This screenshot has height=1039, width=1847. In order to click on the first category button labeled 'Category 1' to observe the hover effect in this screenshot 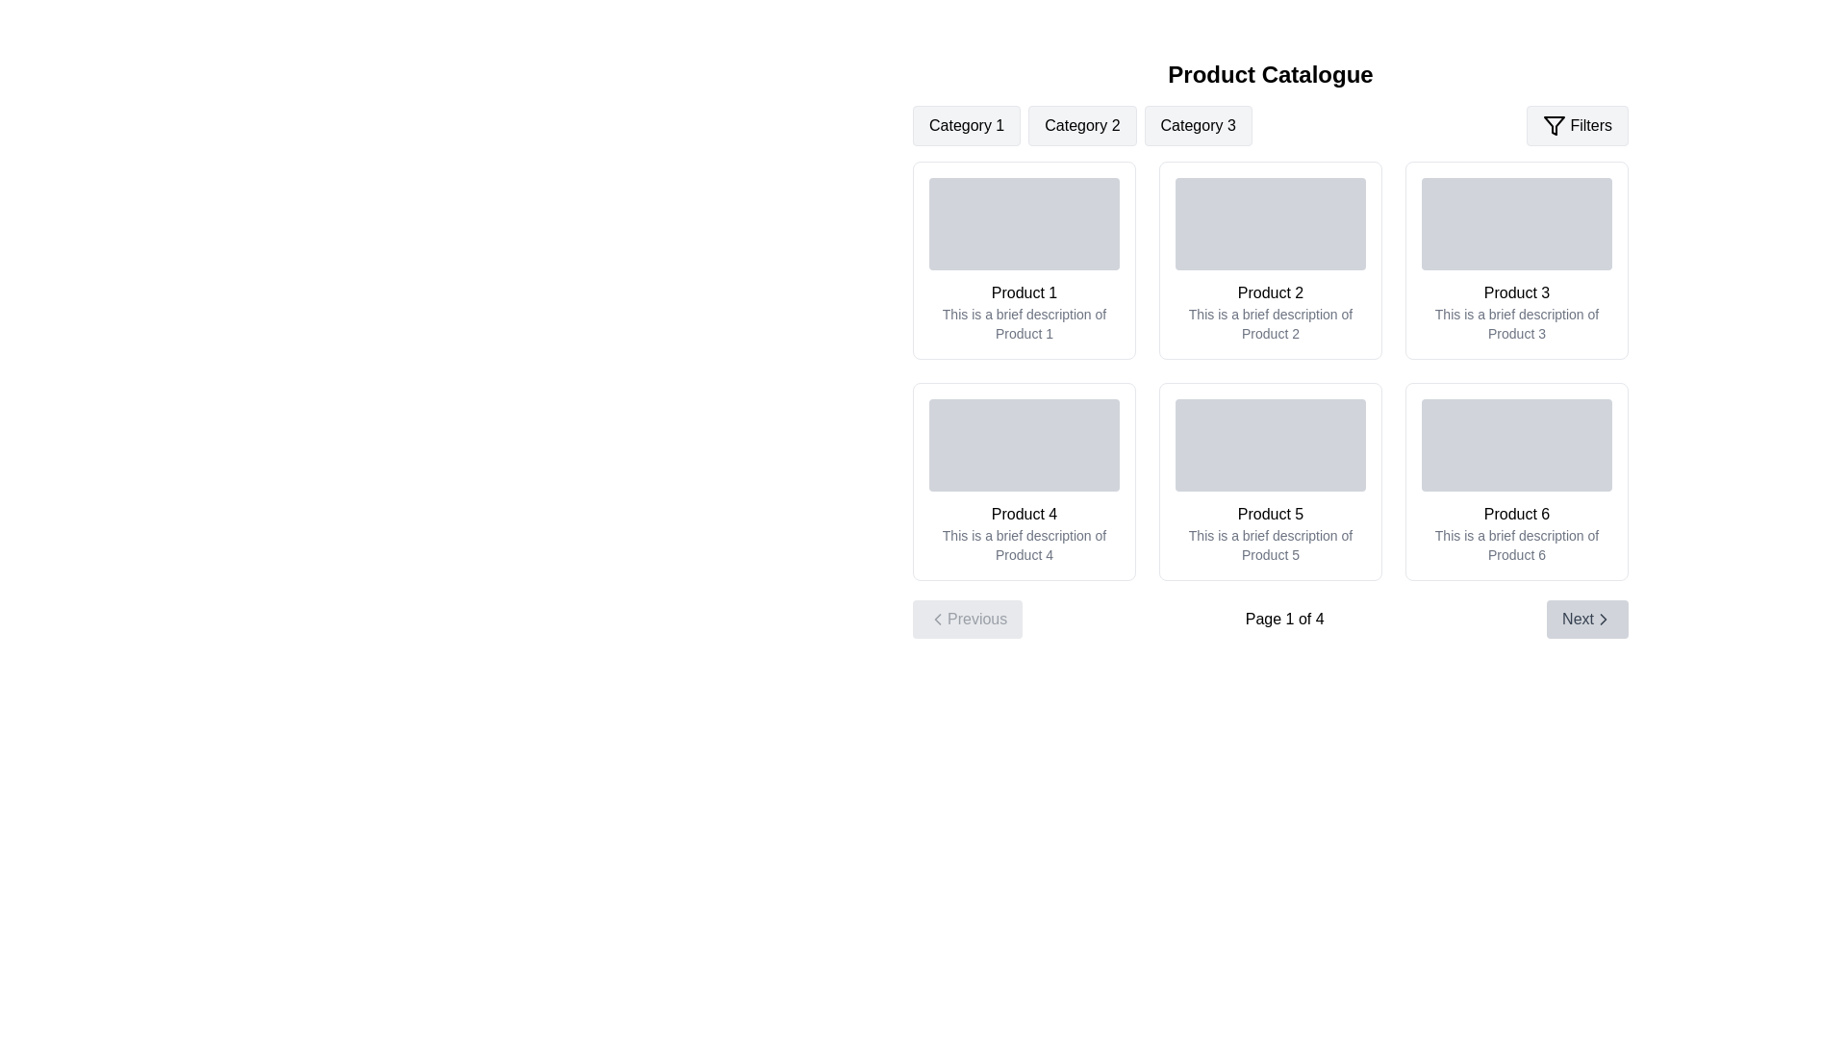, I will do `click(967, 126)`.